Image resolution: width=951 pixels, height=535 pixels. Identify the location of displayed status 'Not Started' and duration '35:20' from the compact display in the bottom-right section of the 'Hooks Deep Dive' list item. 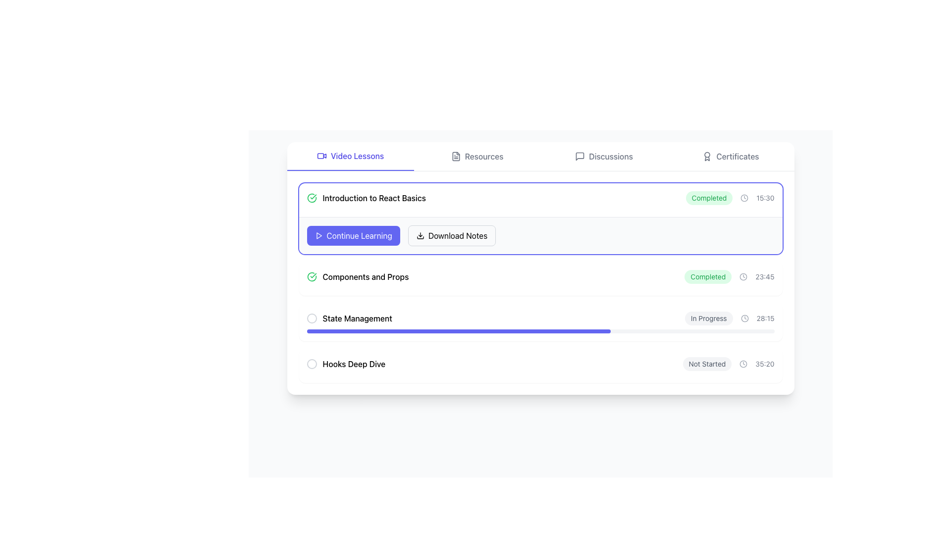
(729, 364).